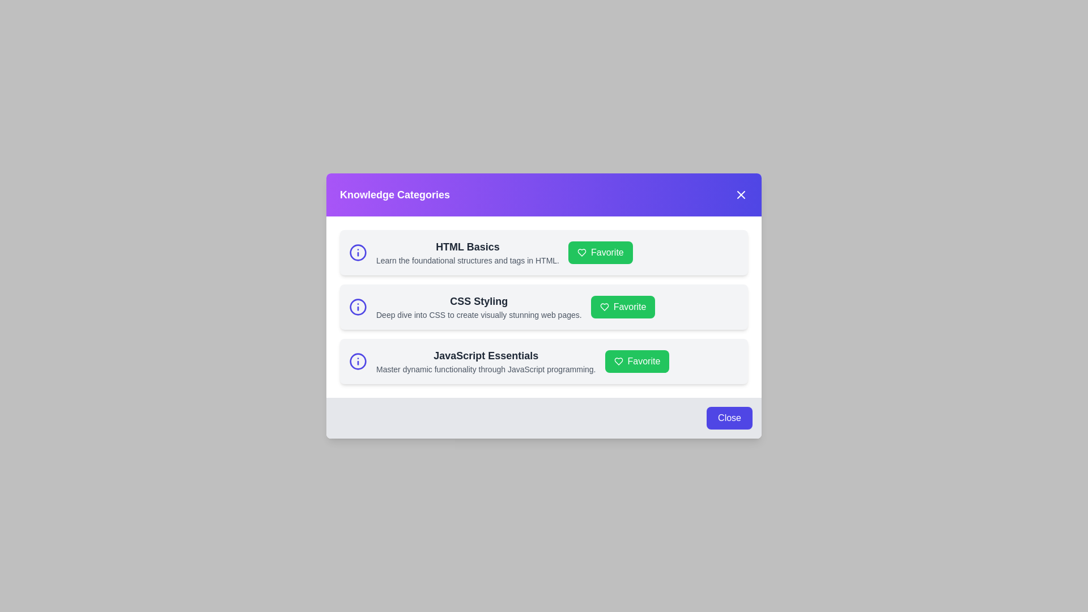 Image resolution: width=1088 pixels, height=612 pixels. Describe the element at coordinates (486, 369) in the screenshot. I see `descriptive static text element located beneath the title 'JavaScript Essentials' in the modal dialog box titled 'Knowledge Categories.'` at that location.